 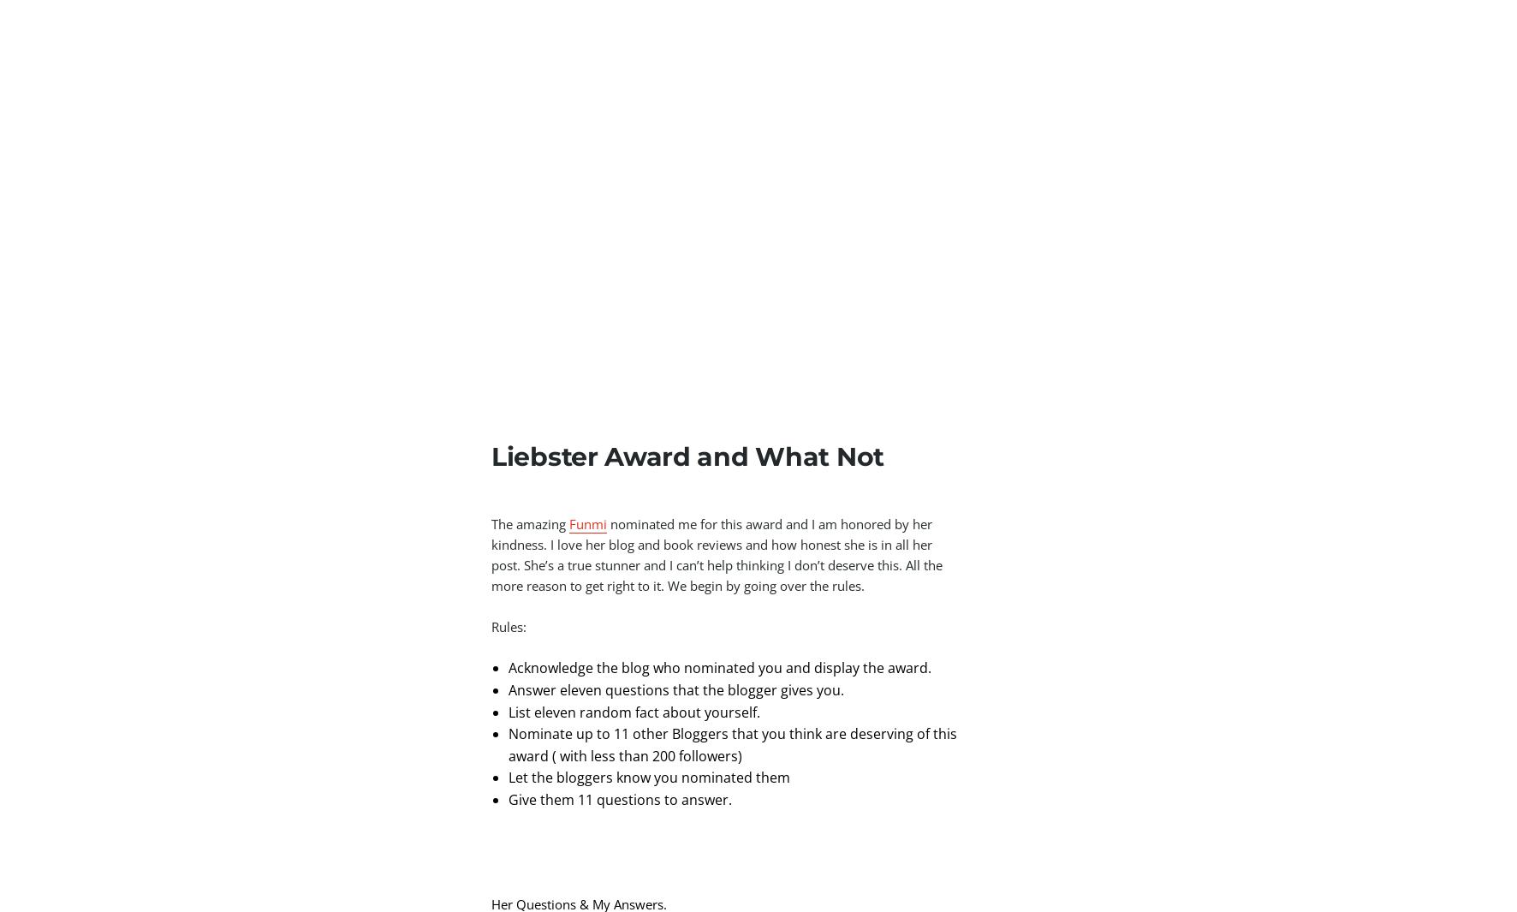 What do you see at coordinates (587, 523) in the screenshot?
I see `'Funmi'` at bounding box center [587, 523].